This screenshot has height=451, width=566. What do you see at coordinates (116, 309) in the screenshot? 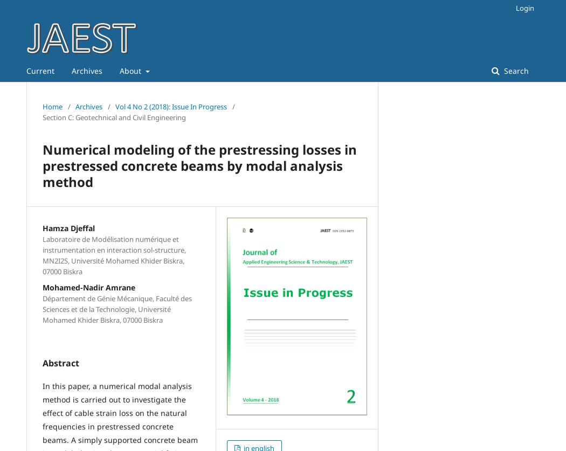
I see `'Département de Génie Mécanique, Faculté des Sciences et de la Technologie, Université Mohamed Khider Biskra, 07000 Biskra'` at bounding box center [116, 309].